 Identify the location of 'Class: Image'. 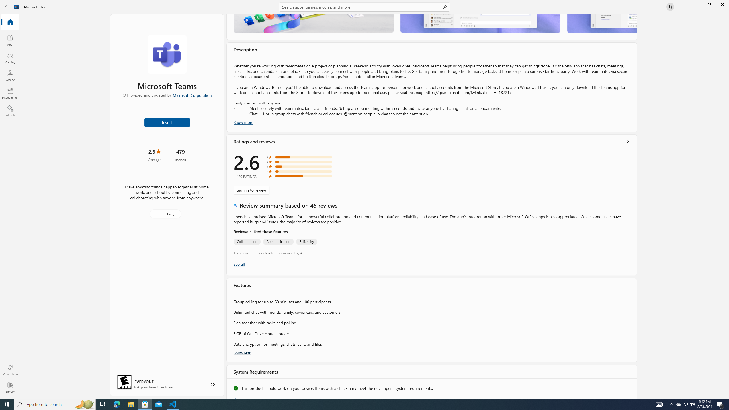
(16, 6).